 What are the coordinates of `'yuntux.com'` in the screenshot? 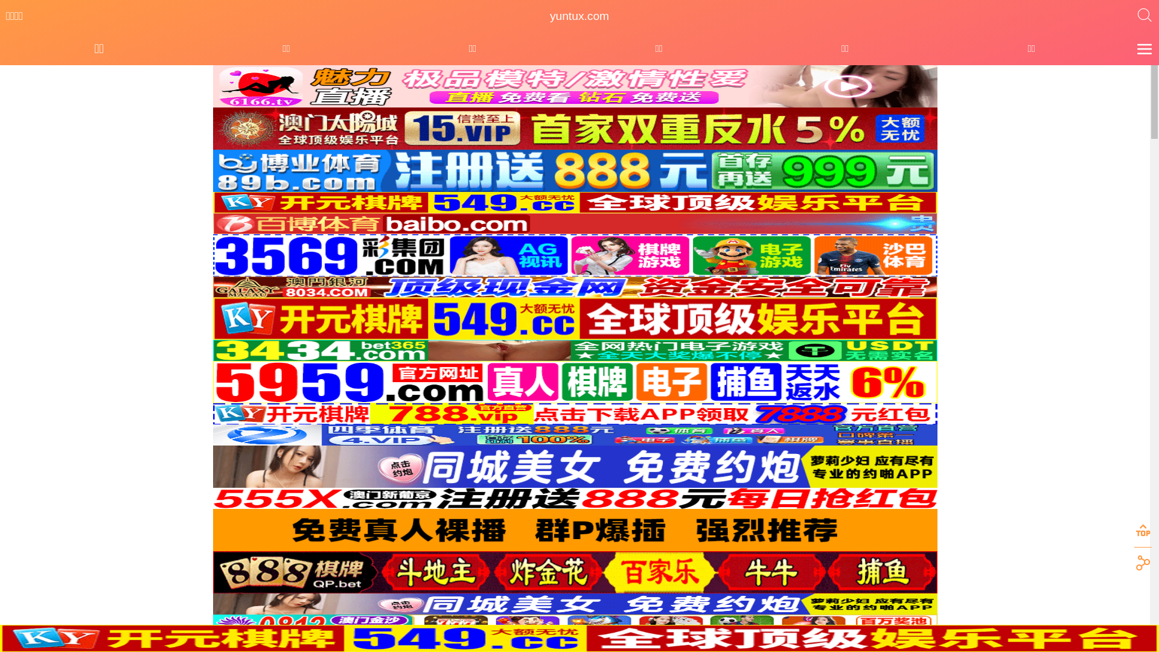 It's located at (579, 16).